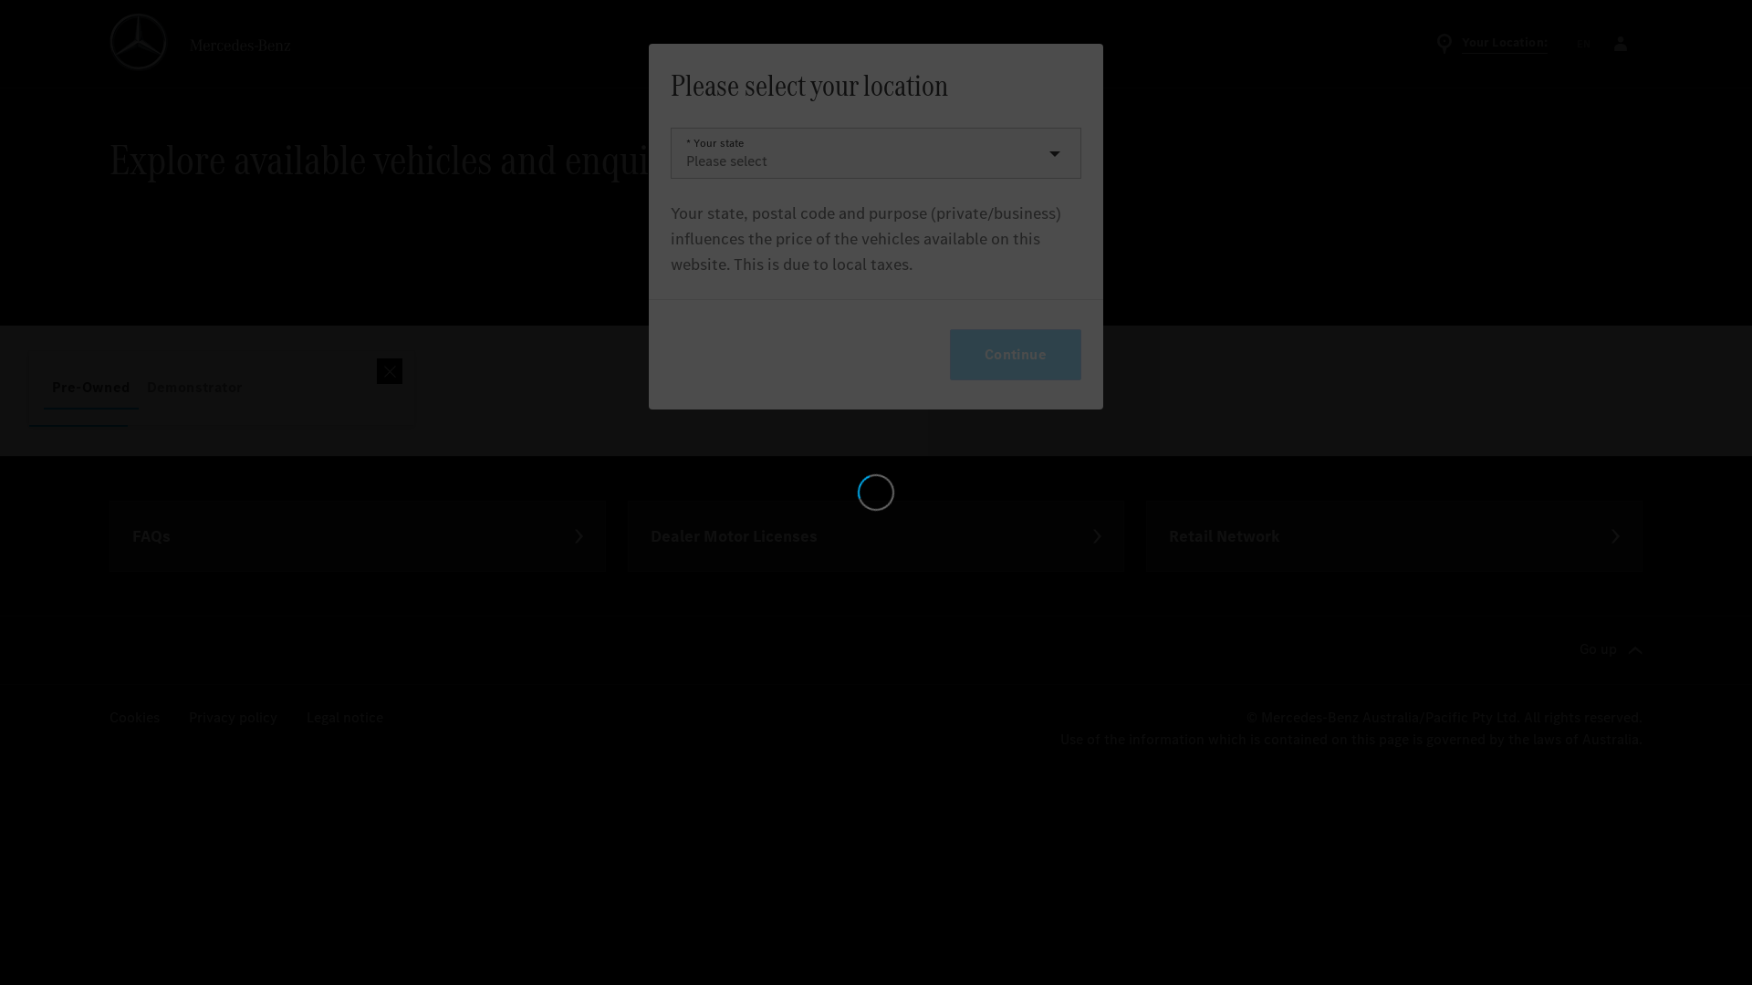  Describe the element at coordinates (307, 717) in the screenshot. I see `'Legal notice'` at that location.